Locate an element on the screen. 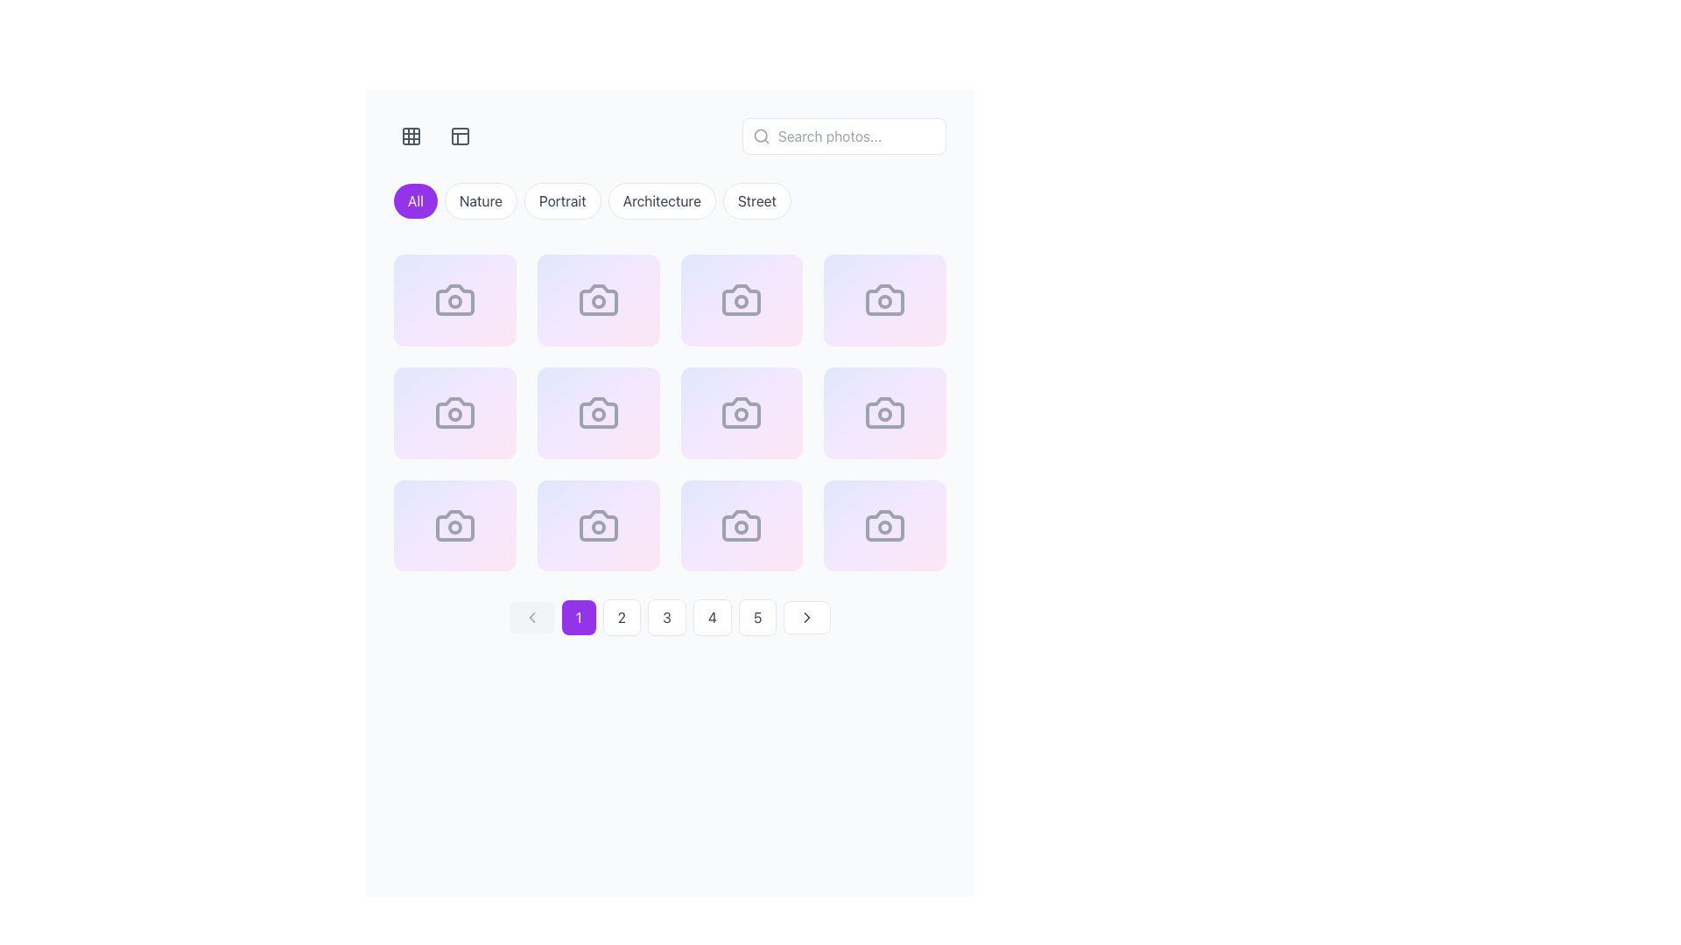 Image resolution: width=1681 pixels, height=945 pixels. the minimalistic gray camera icon located in the fourth cell of the second row in a grid layout is located at coordinates (742, 525).